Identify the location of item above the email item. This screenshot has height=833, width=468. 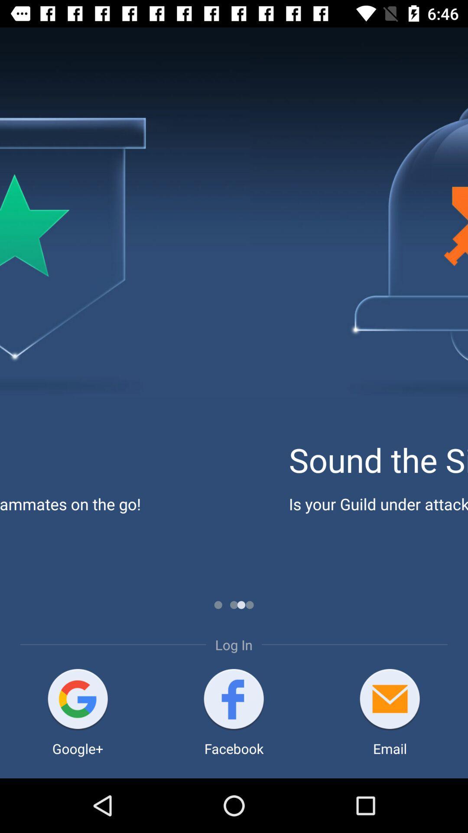
(389, 700).